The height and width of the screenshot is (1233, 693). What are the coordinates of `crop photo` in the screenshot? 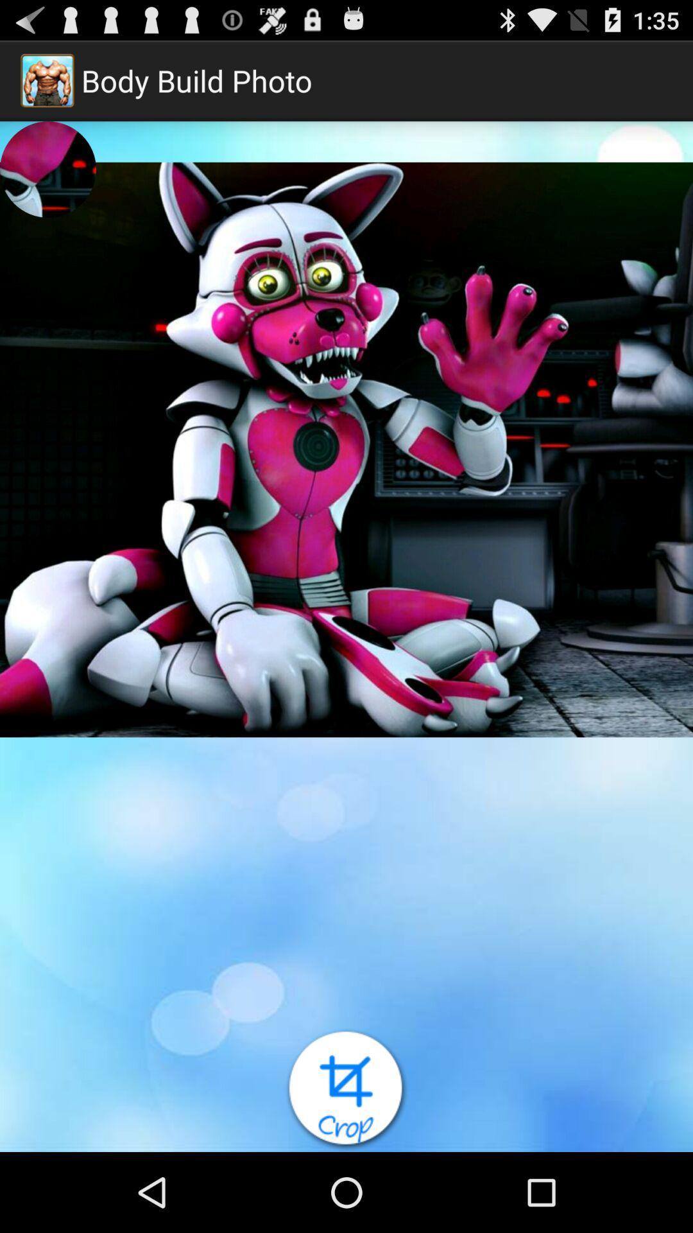 It's located at (346, 1089).